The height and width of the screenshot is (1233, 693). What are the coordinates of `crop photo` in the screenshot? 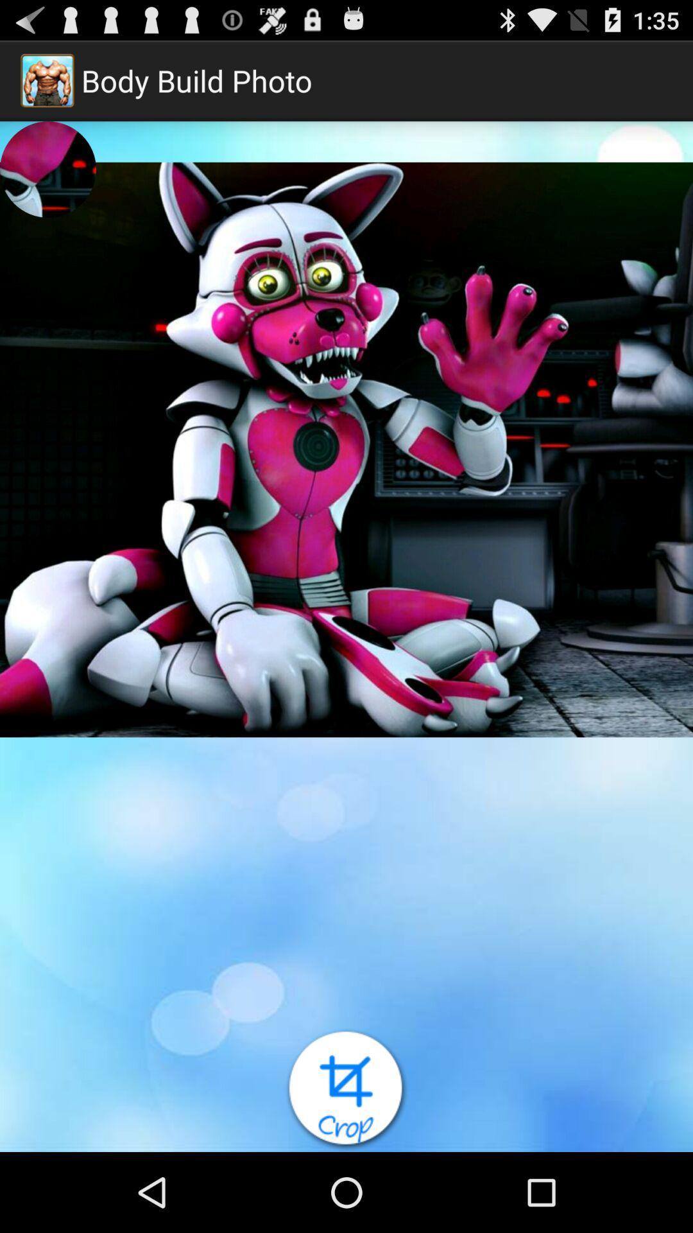 It's located at (346, 1089).